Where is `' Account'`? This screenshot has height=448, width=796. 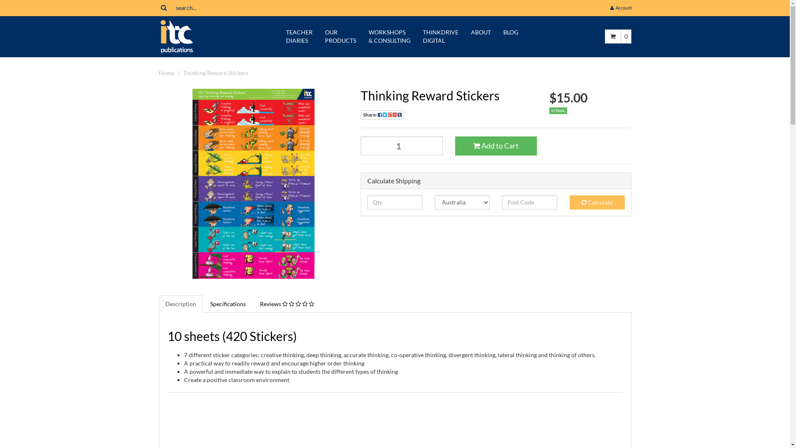
' Account' is located at coordinates (621, 8).